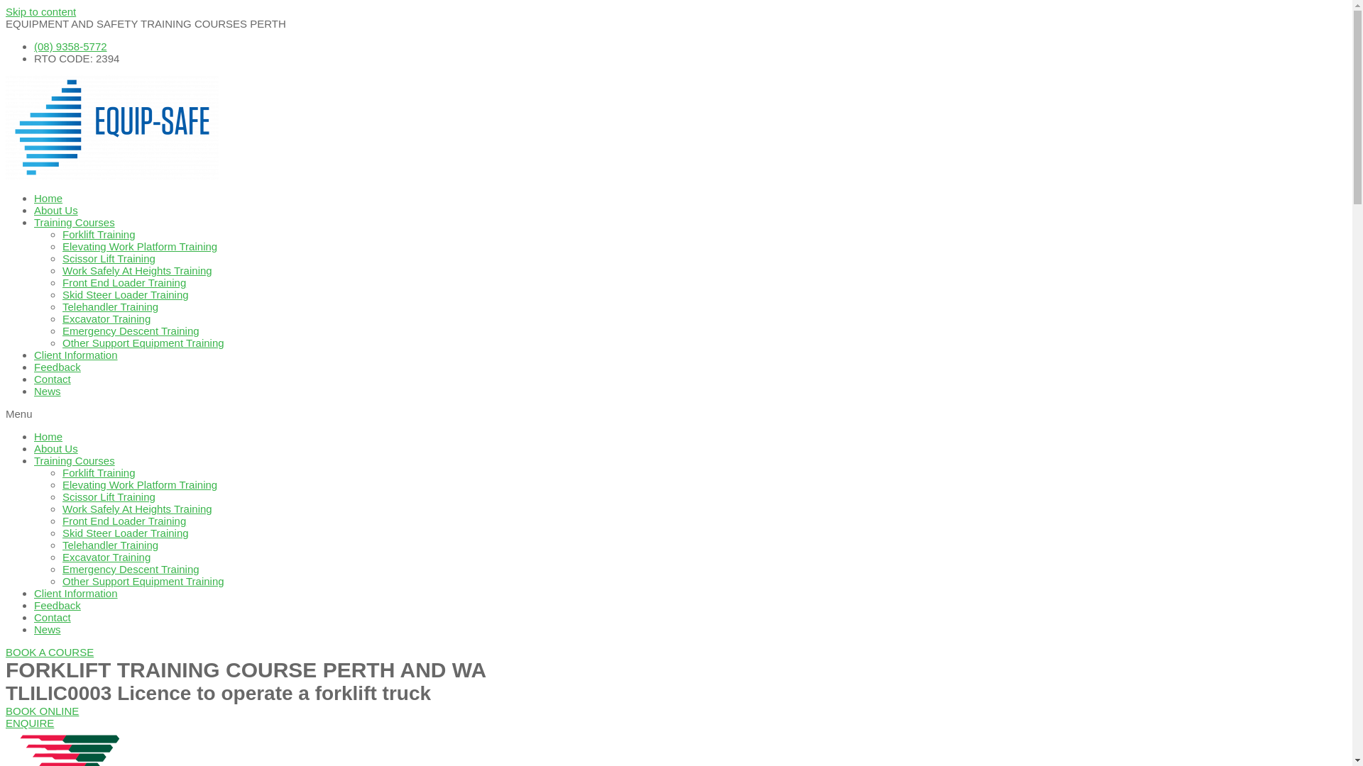 This screenshot has height=766, width=1363. I want to click on 'Feedback', so click(57, 366).